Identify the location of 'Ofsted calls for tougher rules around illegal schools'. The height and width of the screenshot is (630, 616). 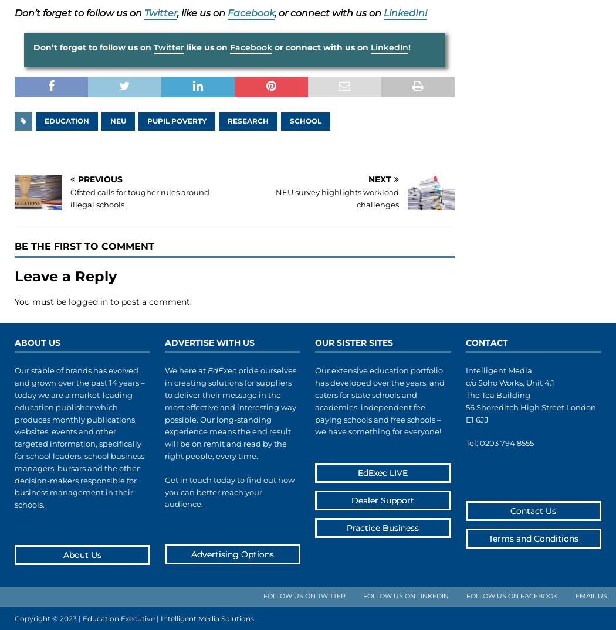
(140, 197).